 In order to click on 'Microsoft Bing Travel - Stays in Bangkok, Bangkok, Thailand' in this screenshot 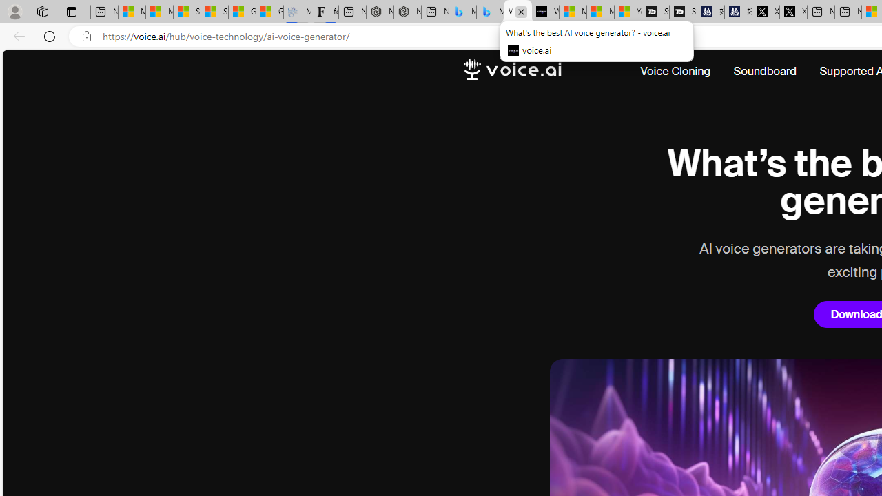, I will do `click(462, 12)`.